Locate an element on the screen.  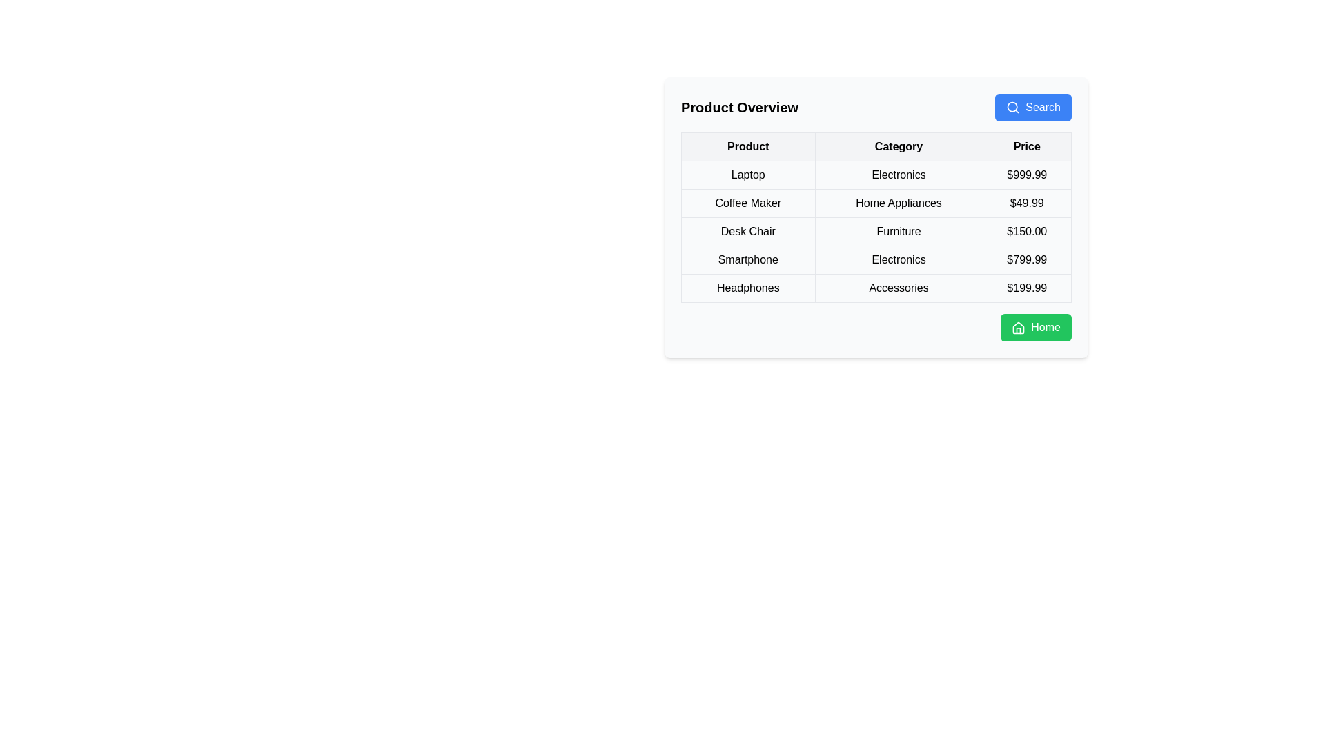
the text label 'Electronics' in the table, which is located under the 'Category' column, positioned between 'Product' and 'Price' is located at coordinates (876, 175).